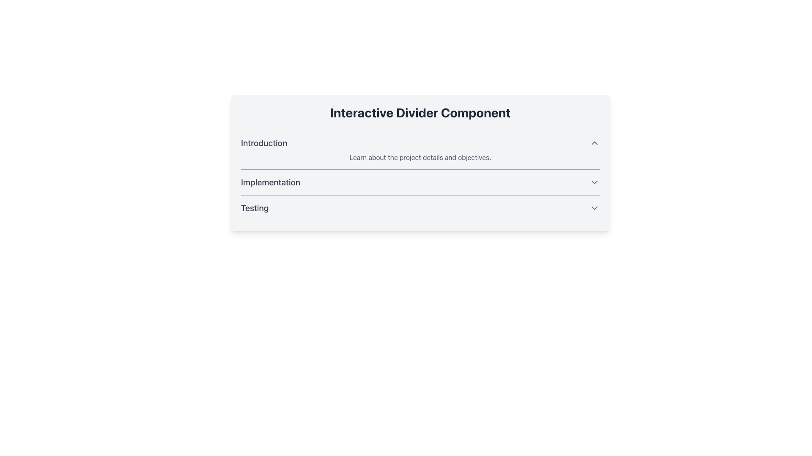  What do you see at coordinates (594, 143) in the screenshot?
I see `the chevron arrow icon located on the far right side of the 'Introduction' section header` at bounding box center [594, 143].